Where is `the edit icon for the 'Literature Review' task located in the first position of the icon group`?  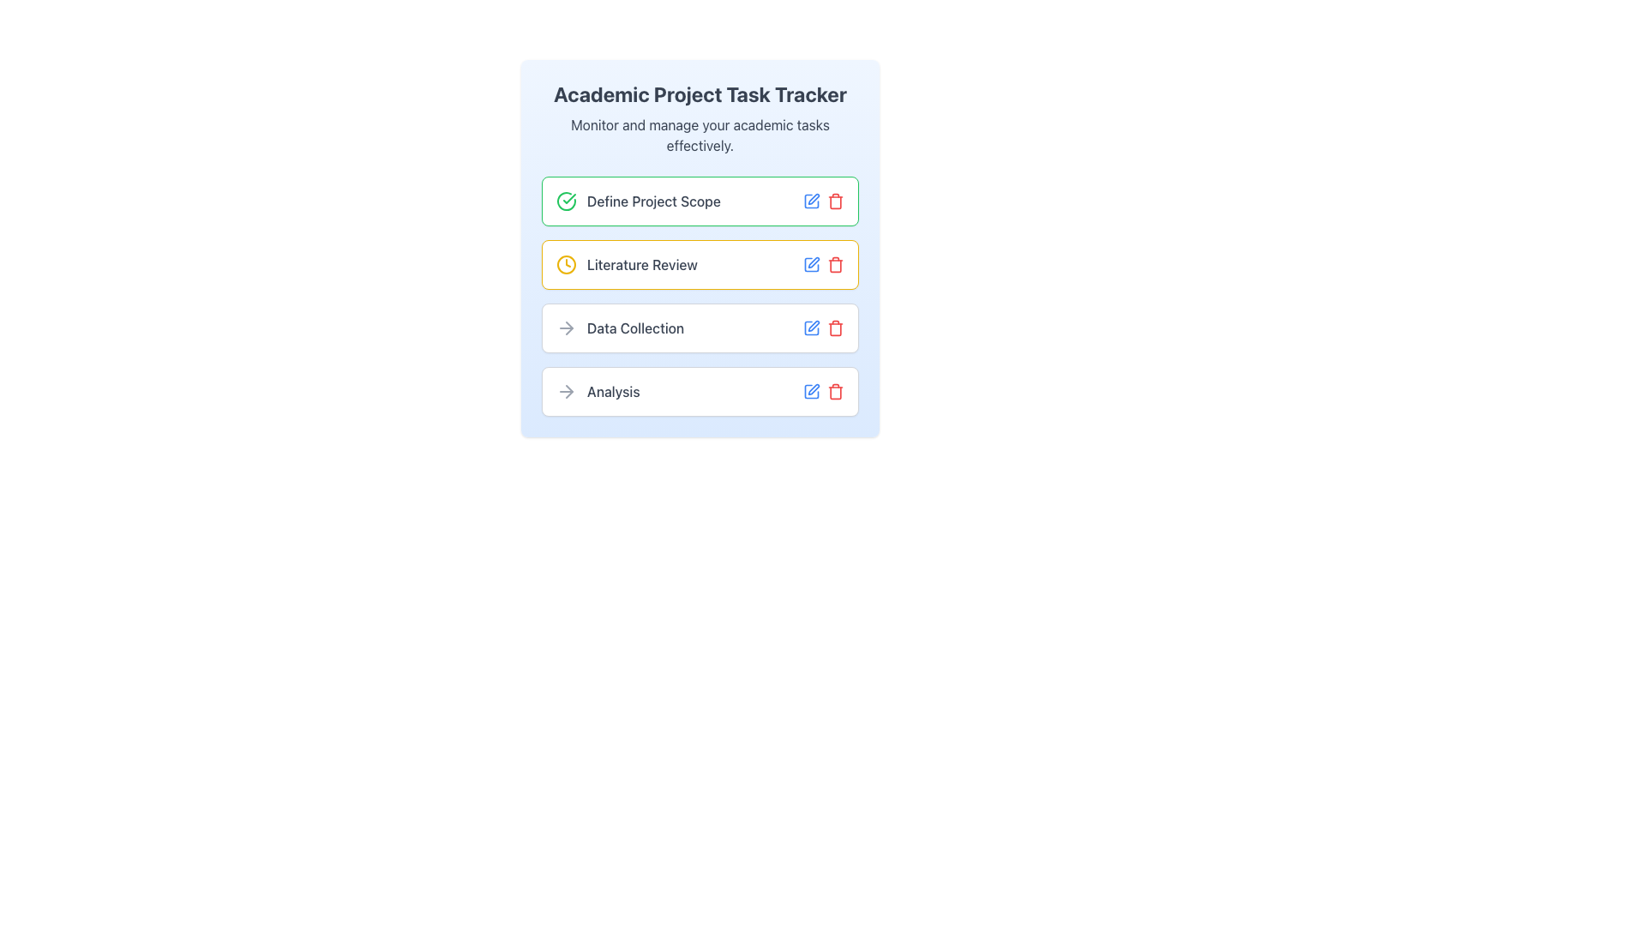
the edit icon for the 'Literature Review' task located in the first position of the icon group is located at coordinates (810, 264).